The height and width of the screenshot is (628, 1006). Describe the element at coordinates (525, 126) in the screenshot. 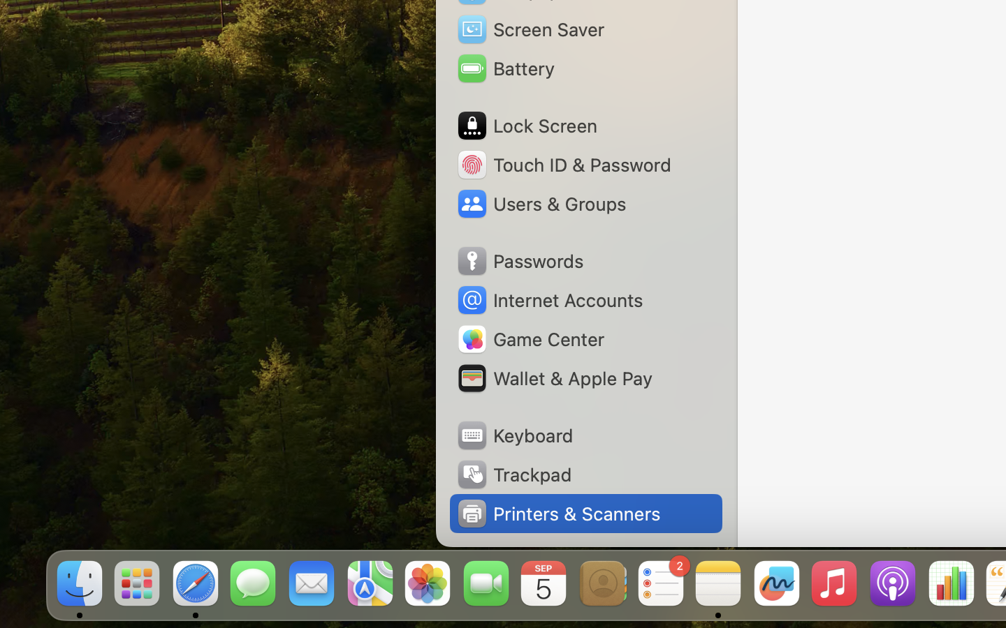

I see `'Lock Screen'` at that location.